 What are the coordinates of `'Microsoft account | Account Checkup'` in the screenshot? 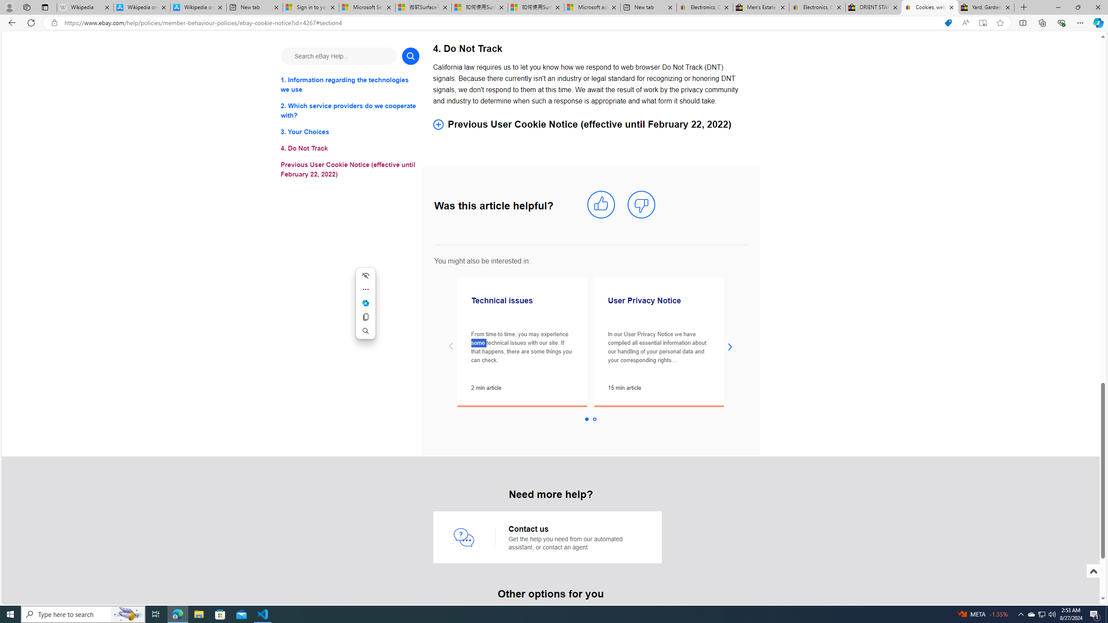 It's located at (592, 7).